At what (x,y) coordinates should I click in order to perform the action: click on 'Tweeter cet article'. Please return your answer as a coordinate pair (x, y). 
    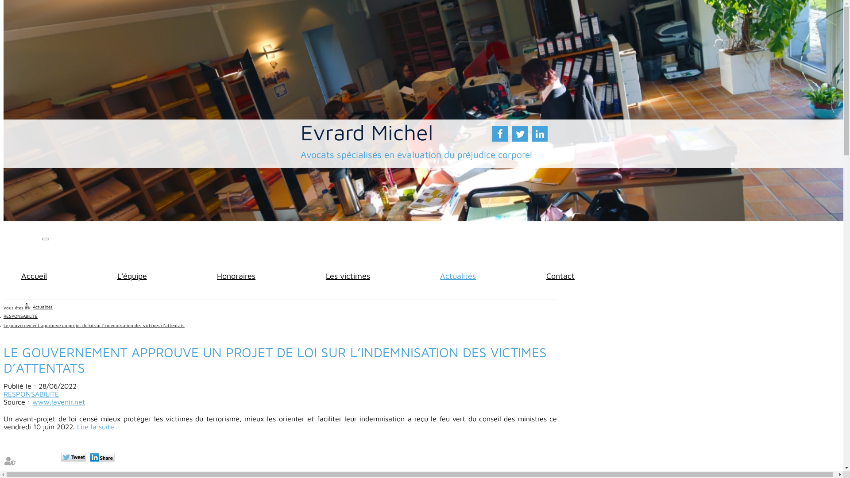
    Looking at the image, I should click on (74, 458).